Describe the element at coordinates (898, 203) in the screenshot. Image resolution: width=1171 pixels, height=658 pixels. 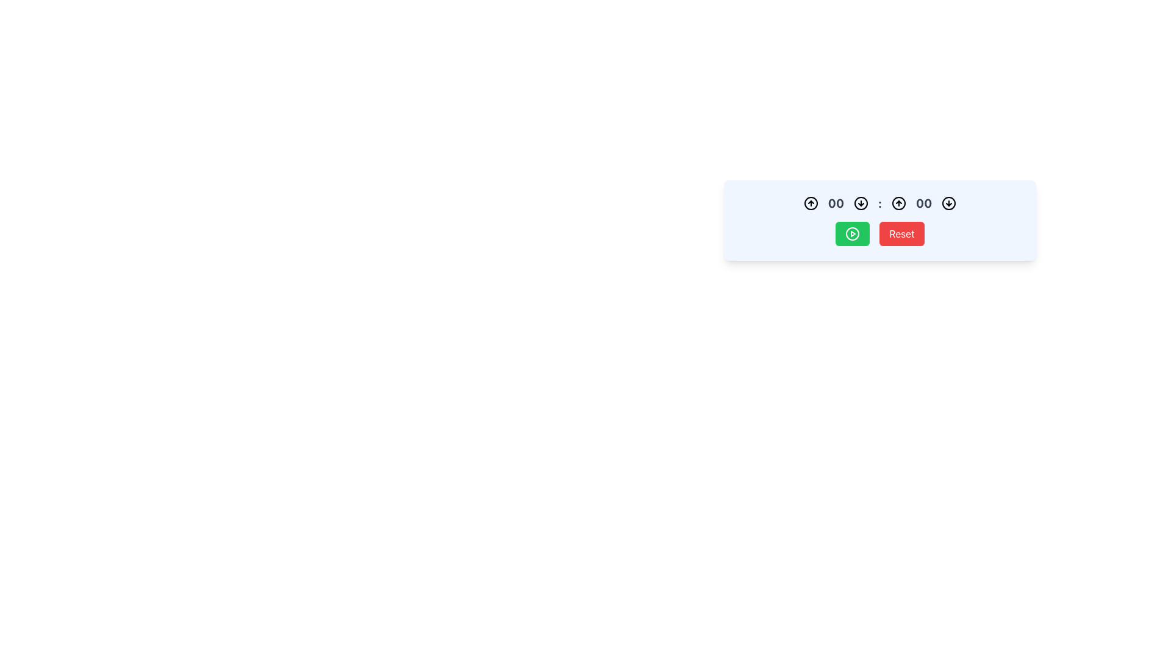
I see `the fifth button in a horizontal sequence, positioned to the right of the colon (':') and between two '00' labels, which is likely used to increment or adjust a value upwards` at that location.